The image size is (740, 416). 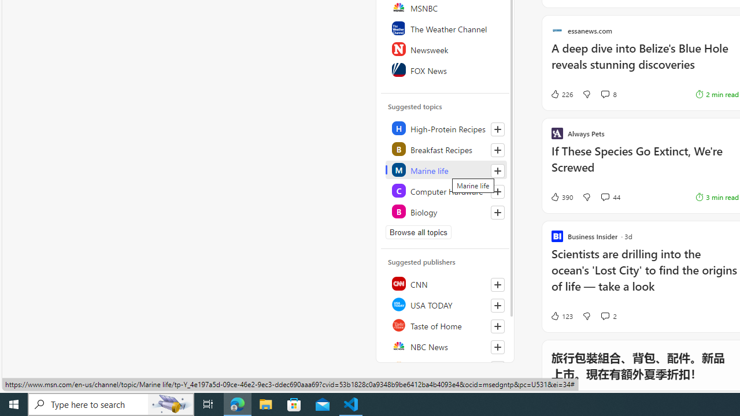 What do you see at coordinates (604, 316) in the screenshot?
I see `'View comments 2 Comment'` at bounding box center [604, 316].